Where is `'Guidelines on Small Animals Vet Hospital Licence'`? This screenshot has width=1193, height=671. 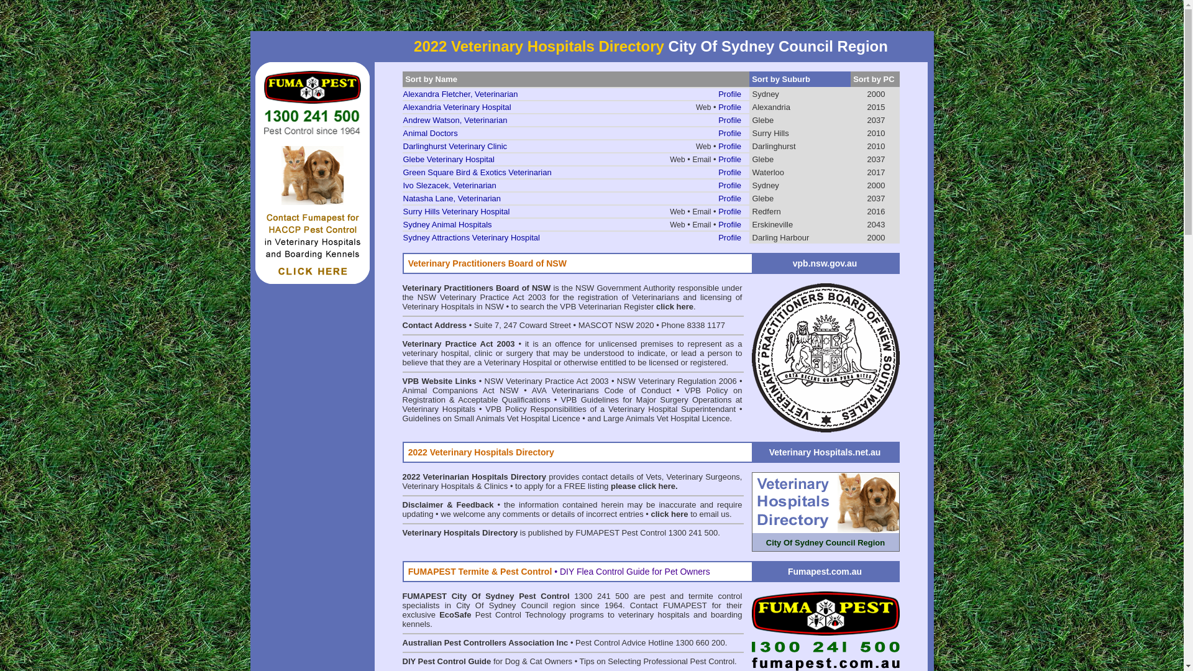
'Guidelines on Small Animals Vet Hospital Licence' is located at coordinates (491, 418).